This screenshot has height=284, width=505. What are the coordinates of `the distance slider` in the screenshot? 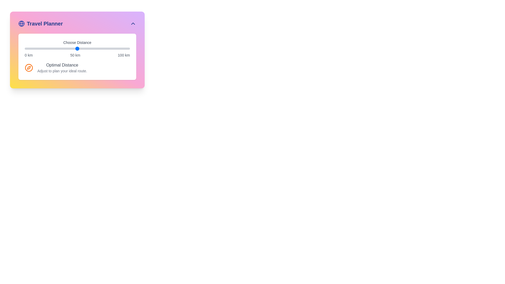 It's located at (76, 49).